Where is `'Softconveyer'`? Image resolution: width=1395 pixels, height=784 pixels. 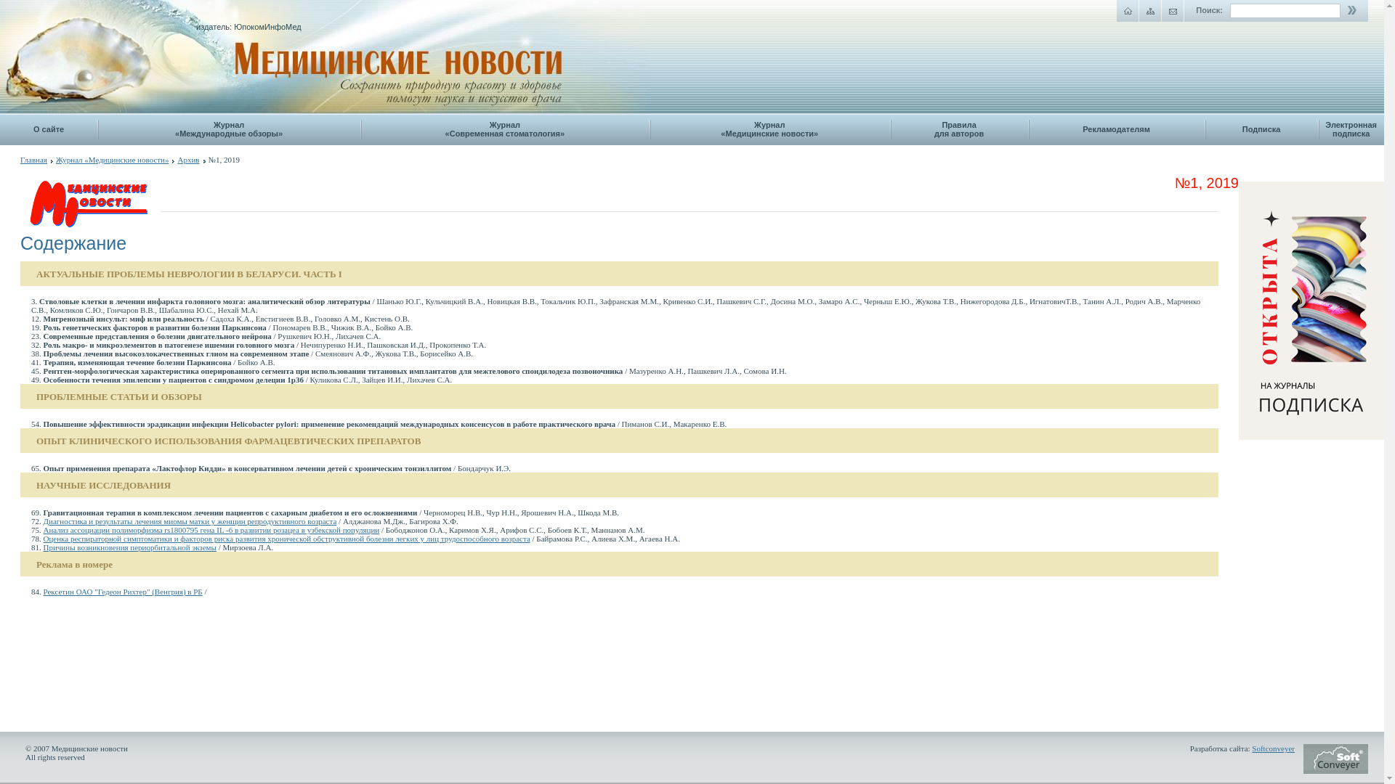 'Softconveyer' is located at coordinates (1272, 748).